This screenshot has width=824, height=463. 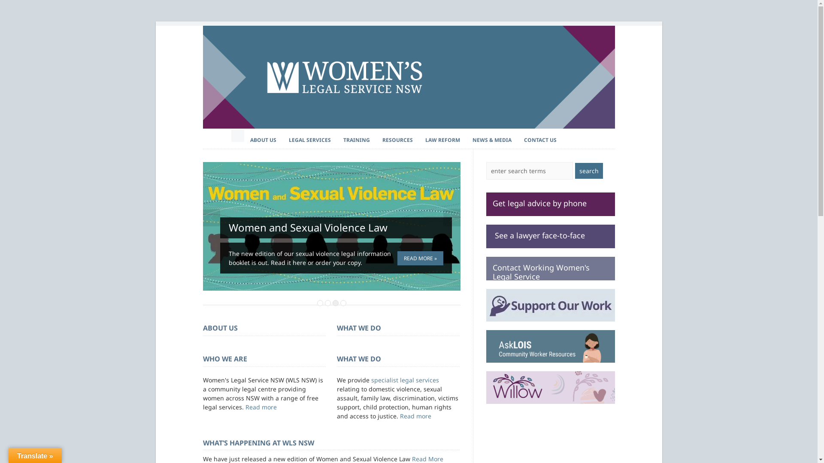 What do you see at coordinates (550, 268) in the screenshot?
I see `'Contact Working Women's Legal Service'` at bounding box center [550, 268].